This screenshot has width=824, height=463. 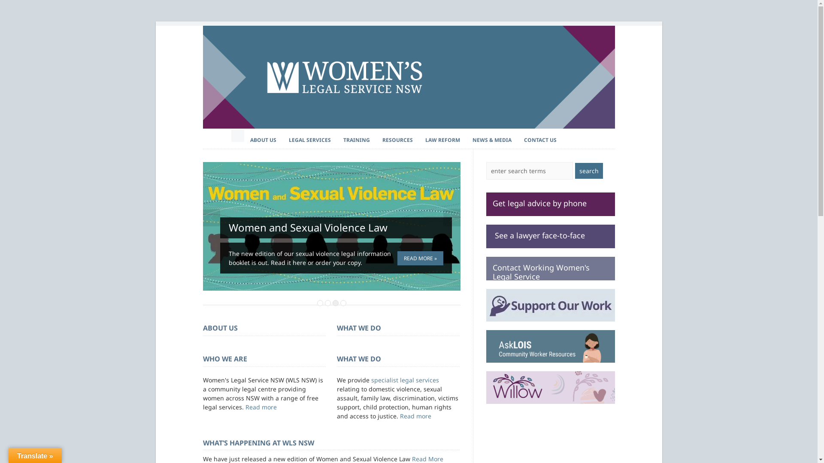 What do you see at coordinates (550, 268) in the screenshot?
I see `'Contact Working Women's Legal Service'` at bounding box center [550, 268].